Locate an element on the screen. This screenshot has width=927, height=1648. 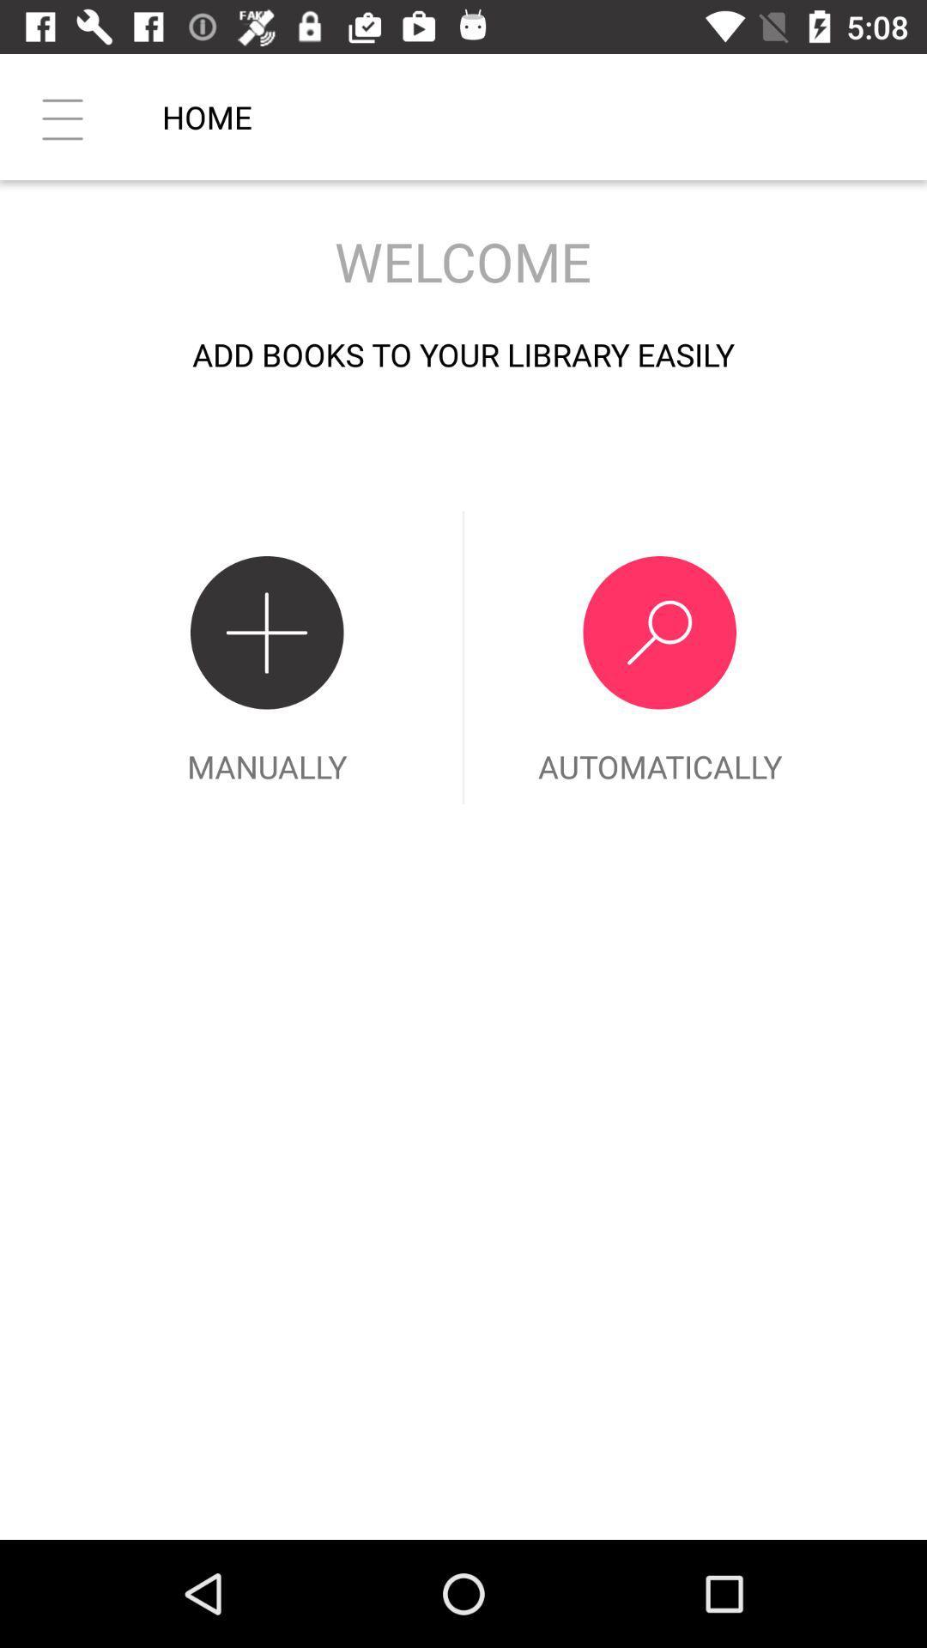
the item below add books to is located at coordinates (658, 657).